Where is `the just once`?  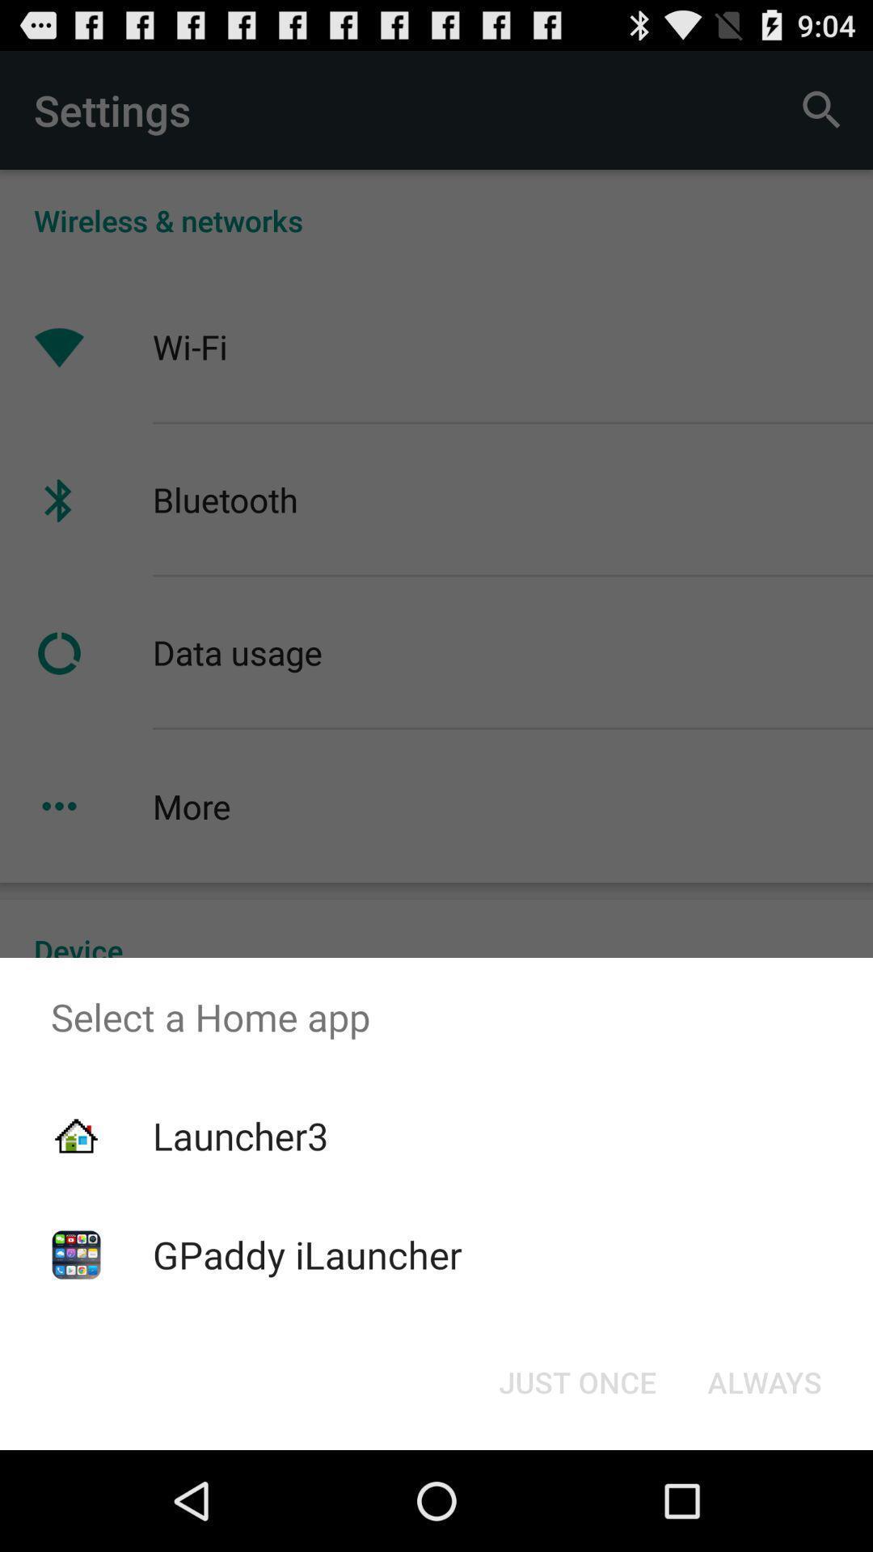 the just once is located at coordinates (576, 1381).